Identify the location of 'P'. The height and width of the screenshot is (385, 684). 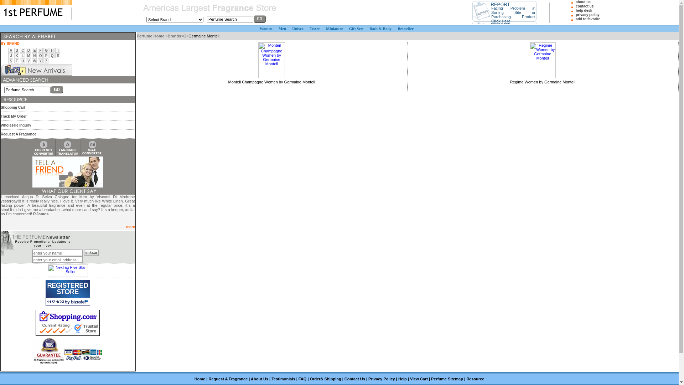
(46, 55).